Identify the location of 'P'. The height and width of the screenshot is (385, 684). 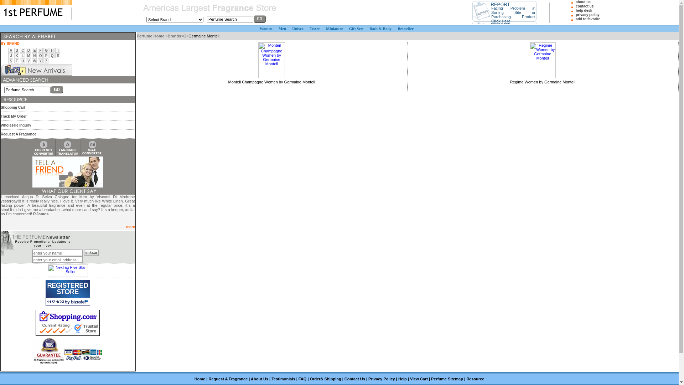
(46, 55).